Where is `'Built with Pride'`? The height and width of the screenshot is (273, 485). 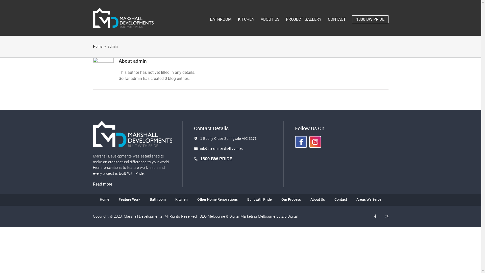
'Built with Pride' is located at coordinates (259, 199).